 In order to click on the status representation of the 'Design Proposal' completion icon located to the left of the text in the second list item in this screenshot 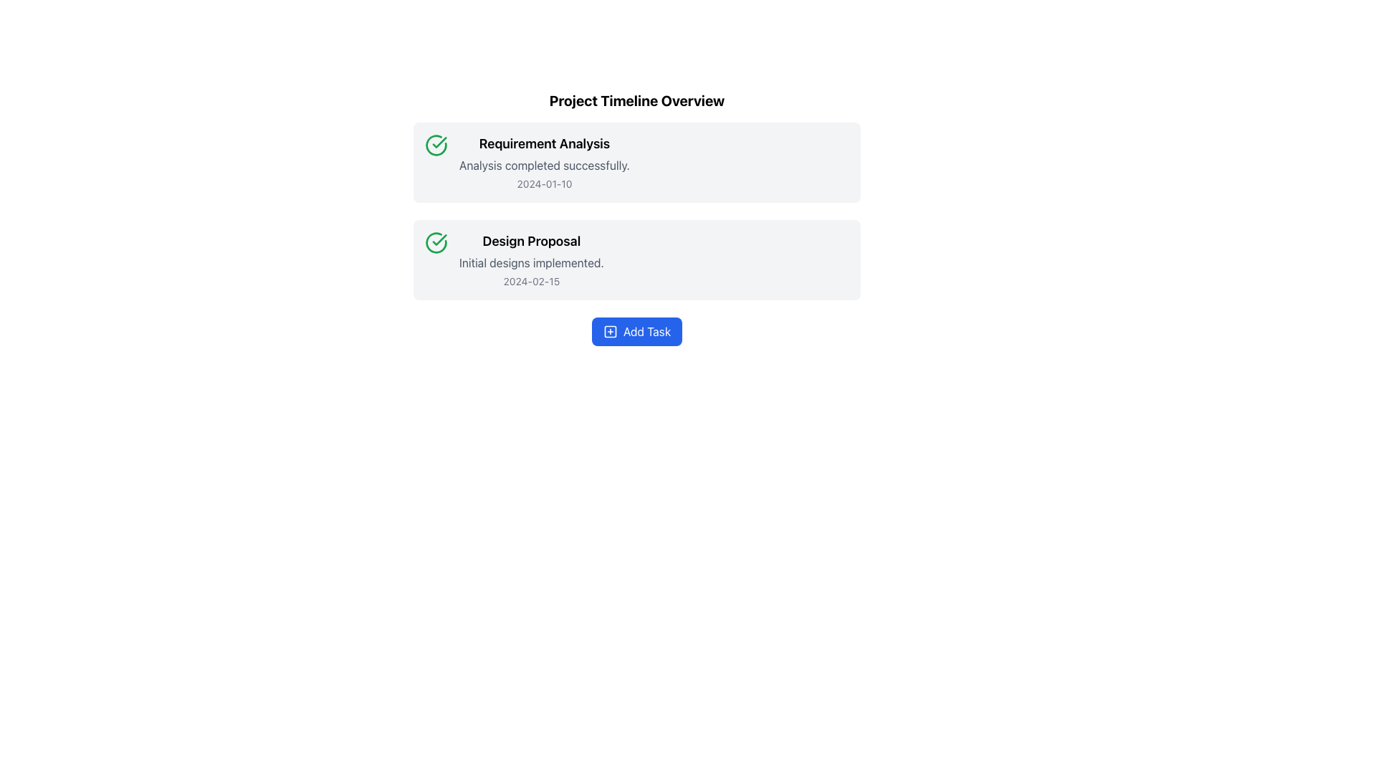, I will do `click(439, 239)`.